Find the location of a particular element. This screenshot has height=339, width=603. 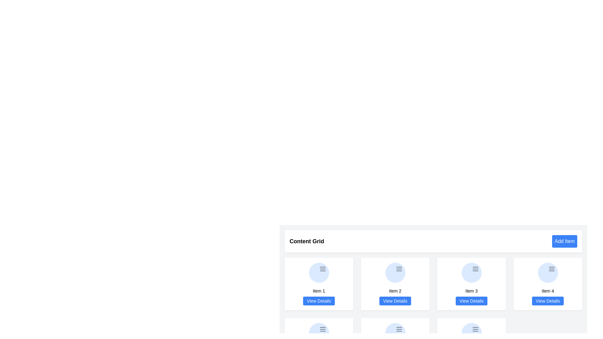

the icon button located in the header area of the 'Item 3' card is located at coordinates (475, 268).